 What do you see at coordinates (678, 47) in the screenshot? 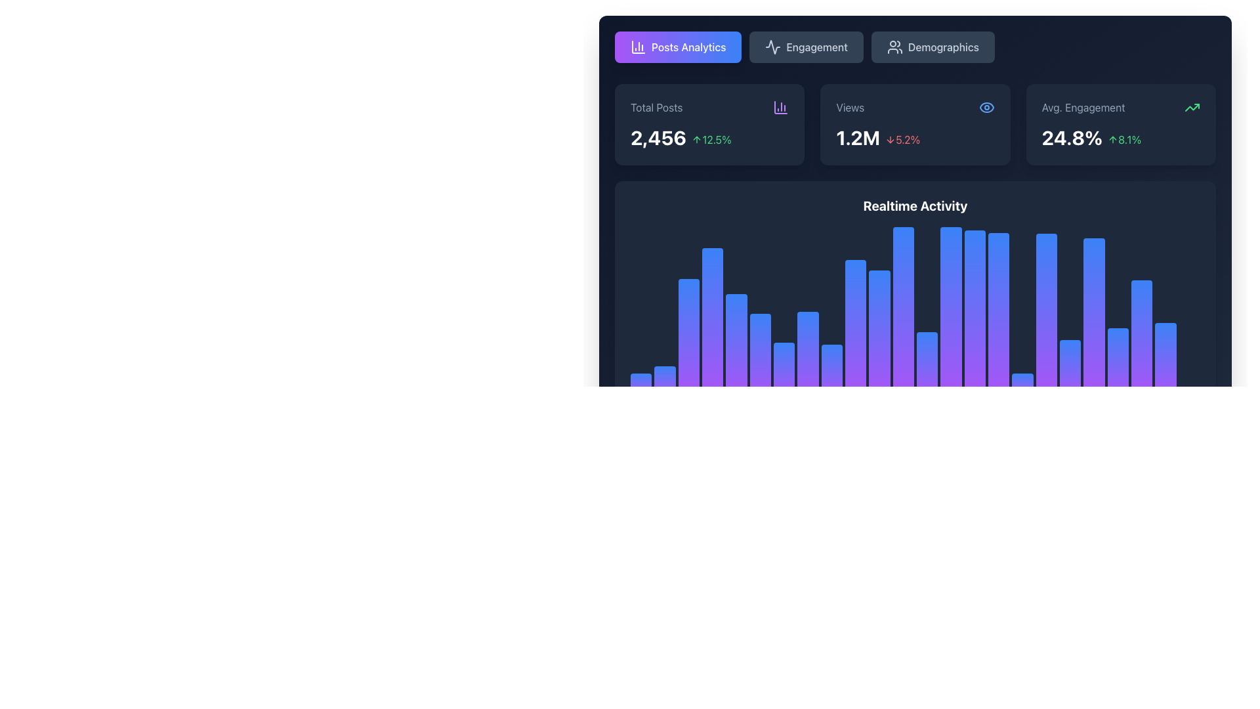
I see `the 'Posts Analytics' button, which is the leftmost button in a row of three, featuring a gradient background from purple to blue and a bar chart icon` at bounding box center [678, 47].